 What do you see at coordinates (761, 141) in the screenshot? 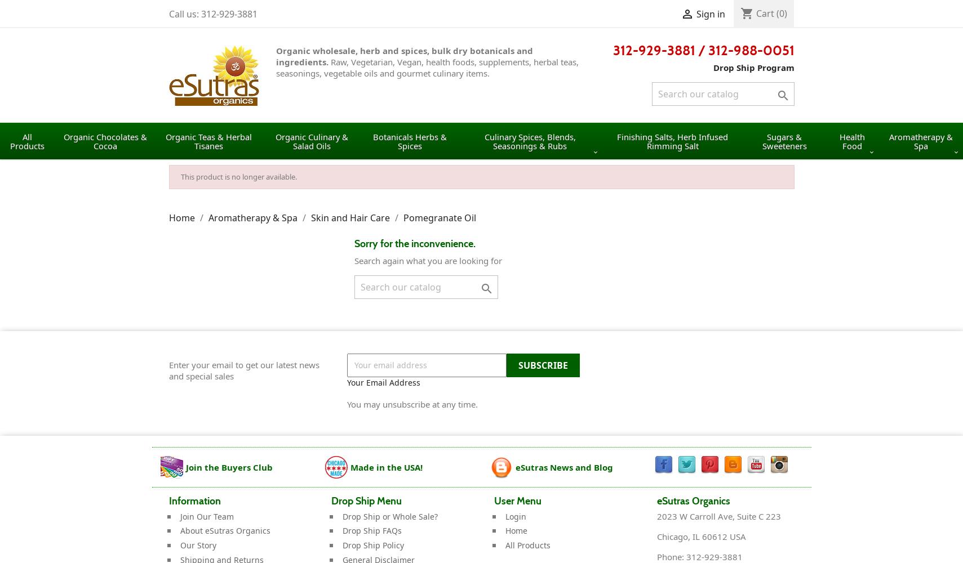
I see `'Sugars & Sweeteners'` at bounding box center [761, 141].